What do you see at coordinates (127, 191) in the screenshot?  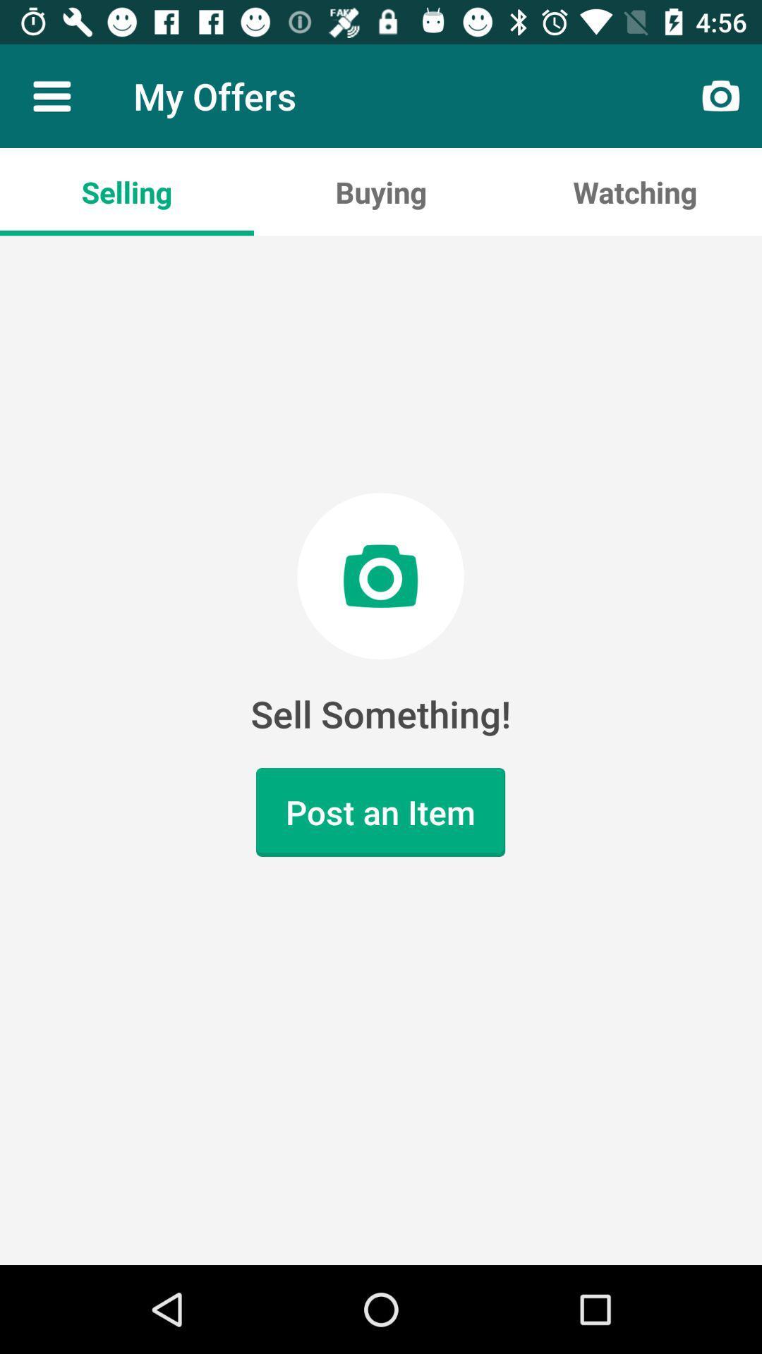 I see `the selling` at bounding box center [127, 191].